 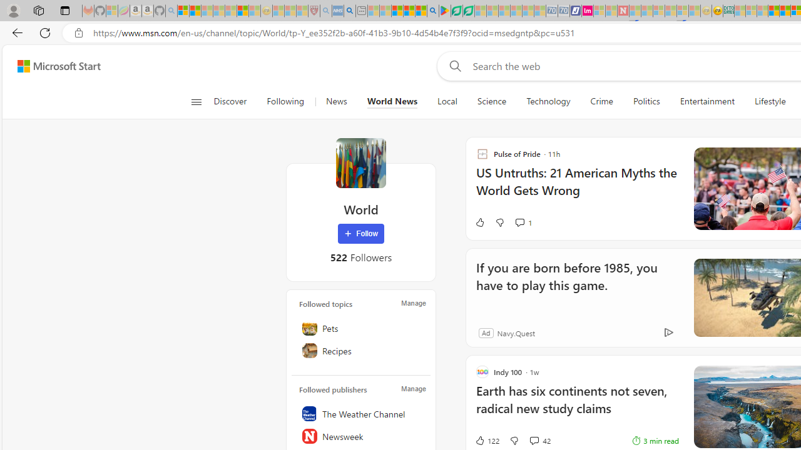 What do you see at coordinates (707, 101) in the screenshot?
I see `'Entertainment'` at bounding box center [707, 101].